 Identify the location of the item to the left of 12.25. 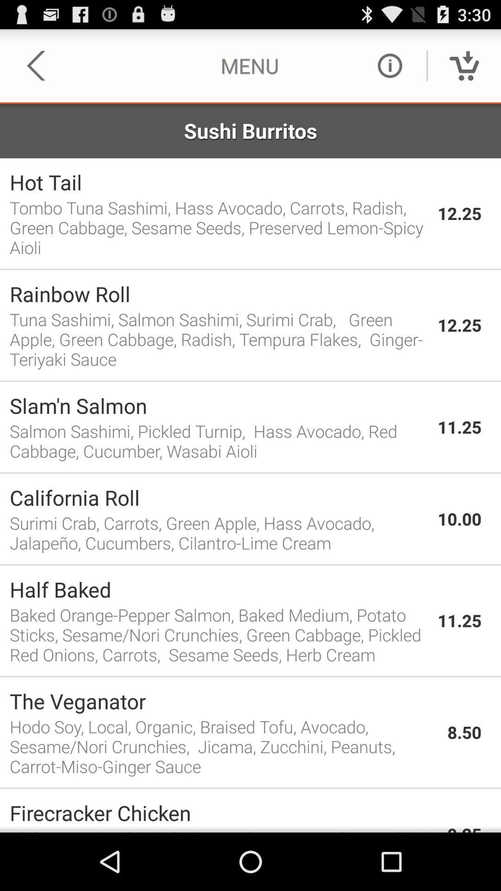
(218, 227).